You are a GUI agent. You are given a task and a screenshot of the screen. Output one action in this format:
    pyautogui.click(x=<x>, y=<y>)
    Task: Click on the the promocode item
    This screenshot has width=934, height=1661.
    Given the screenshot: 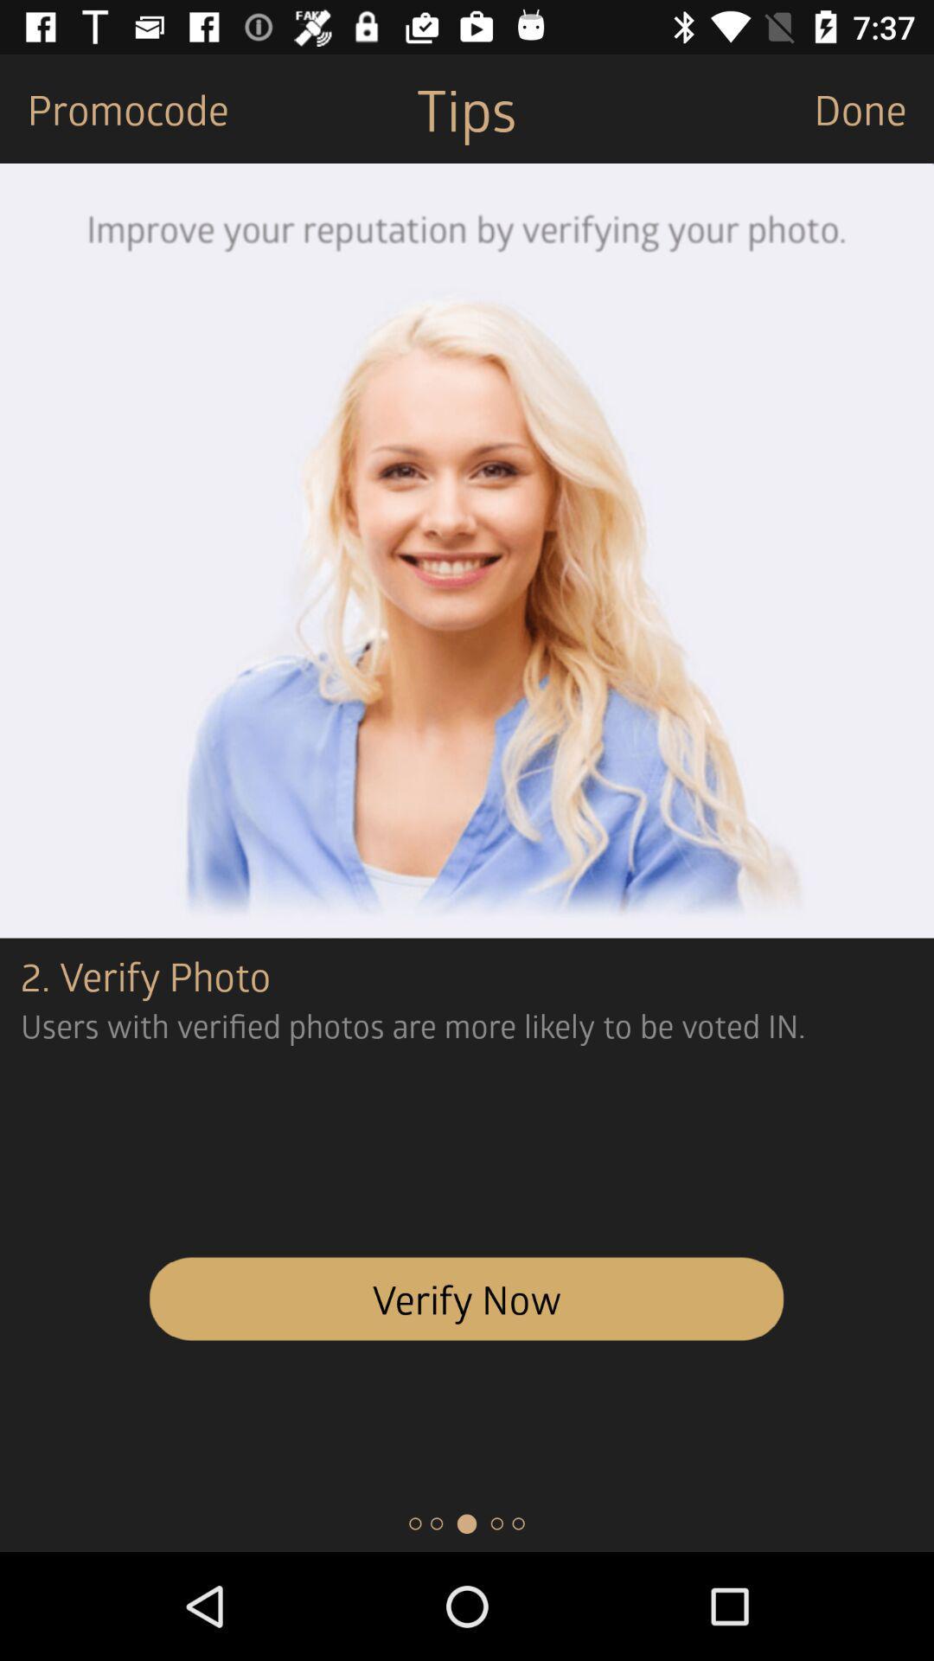 What is the action you would take?
    pyautogui.click(x=114, y=107)
    